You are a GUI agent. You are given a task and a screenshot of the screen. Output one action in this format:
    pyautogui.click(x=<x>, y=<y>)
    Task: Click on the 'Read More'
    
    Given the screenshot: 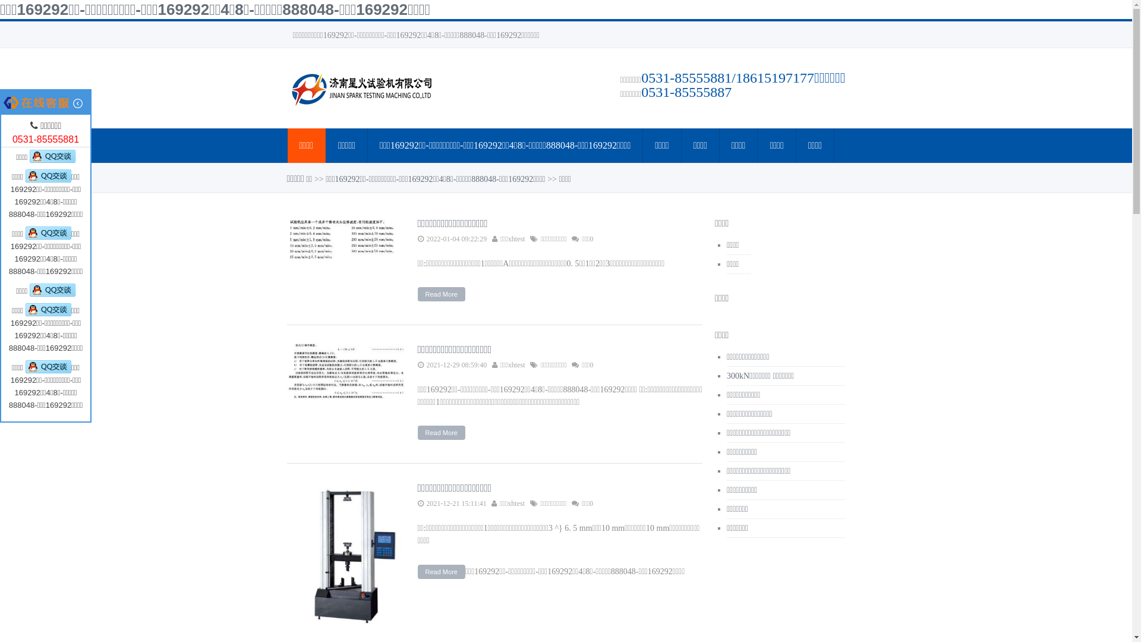 What is the action you would take?
    pyautogui.click(x=417, y=433)
    